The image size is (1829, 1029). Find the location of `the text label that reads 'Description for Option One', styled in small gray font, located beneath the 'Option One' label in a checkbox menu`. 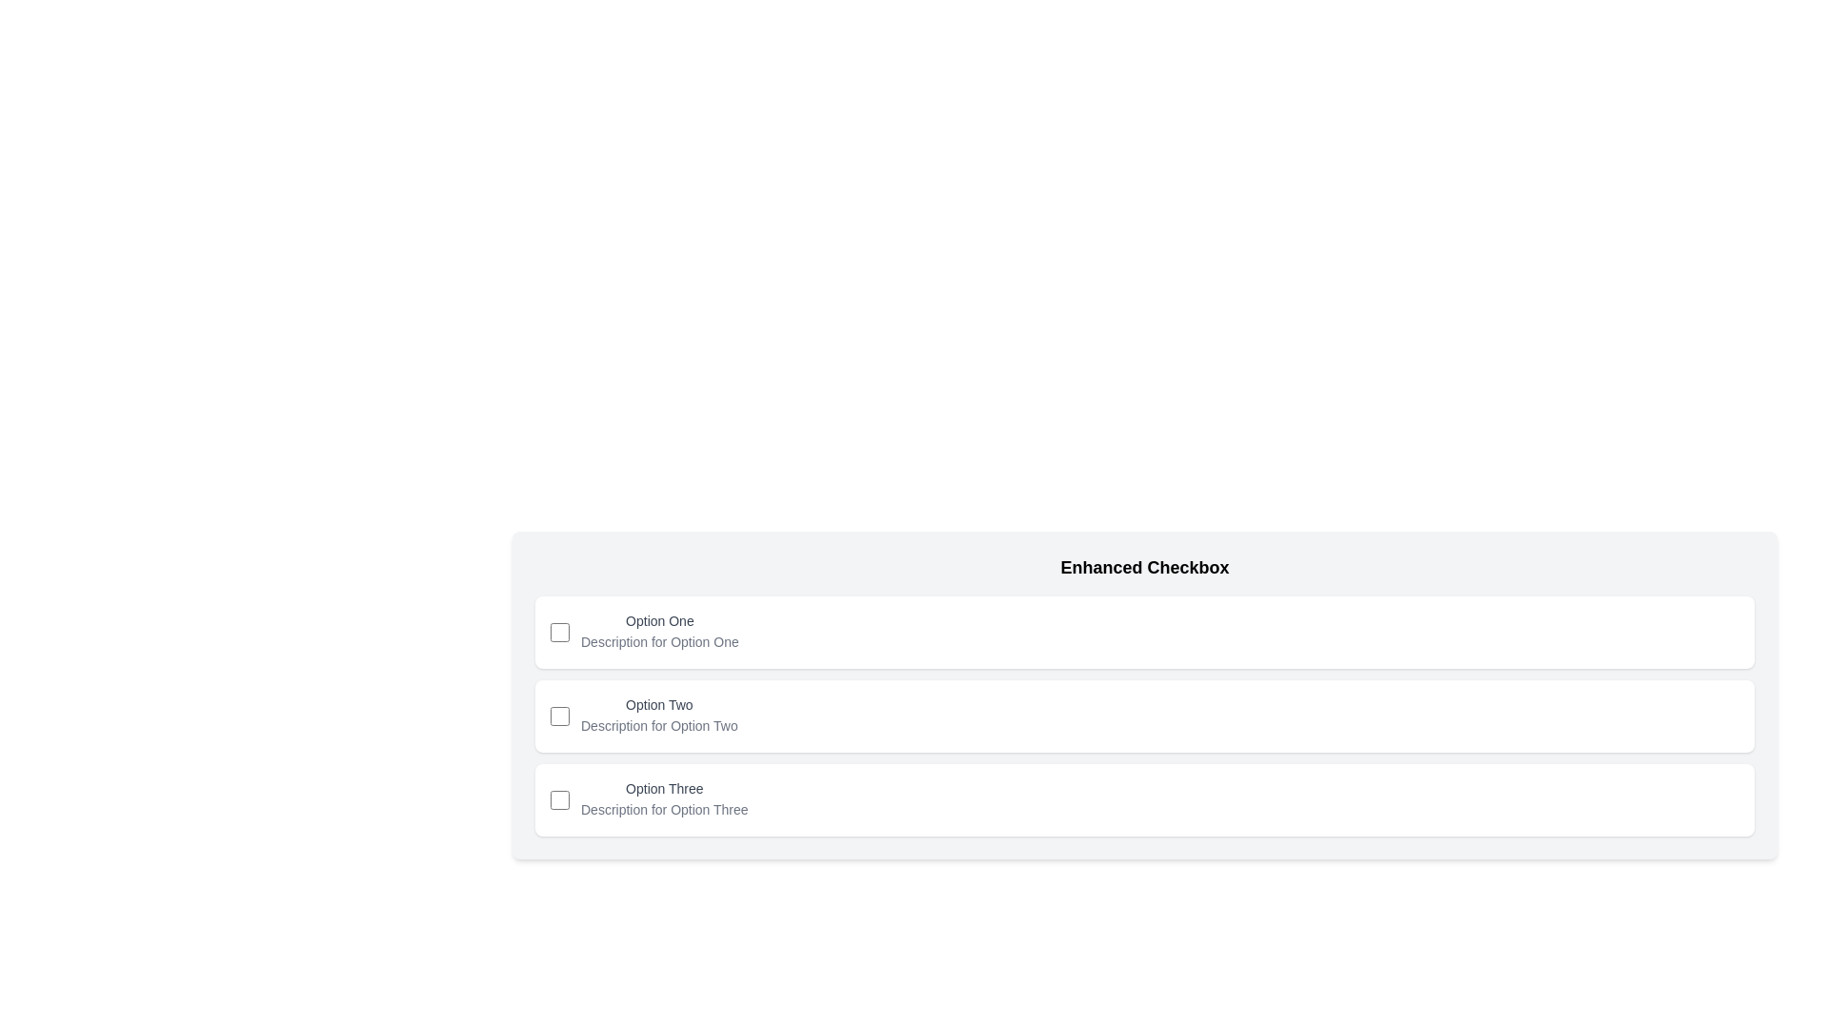

the text label that reads 'Description for Option One', styled in small gray font, located beneath the 'Option One' label in a checkbox menu is located at coordinates (659, 642).